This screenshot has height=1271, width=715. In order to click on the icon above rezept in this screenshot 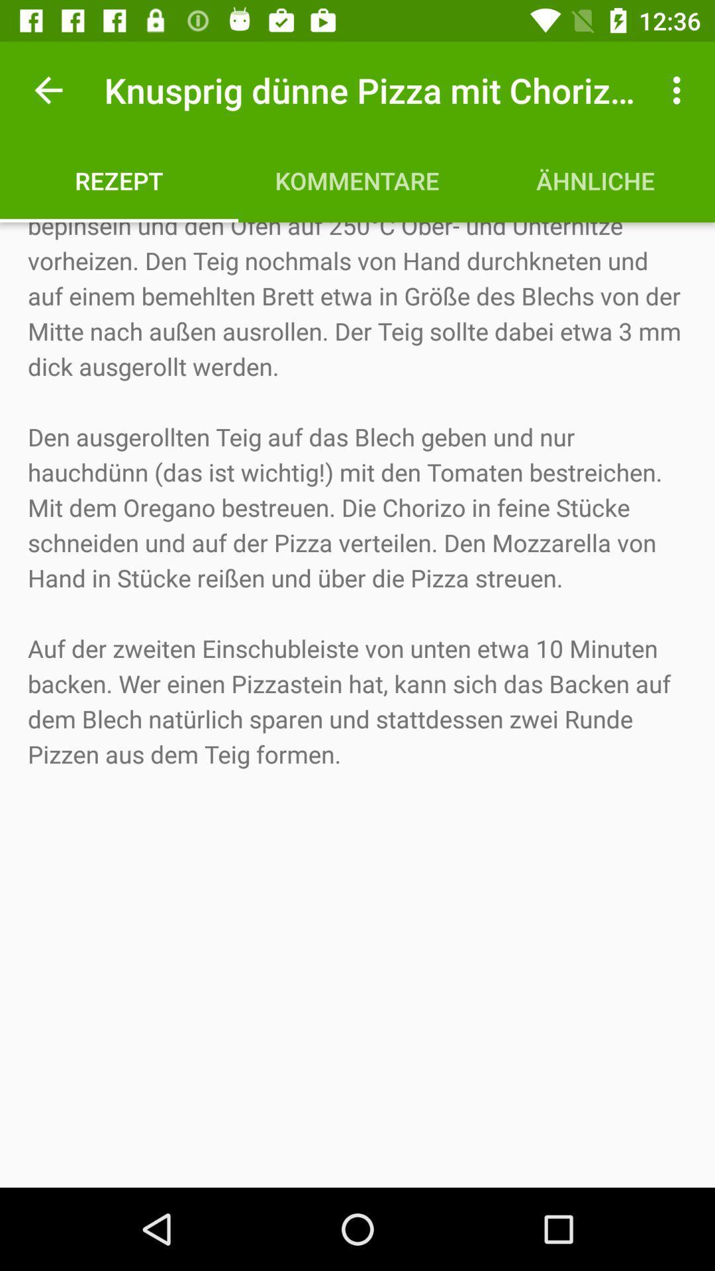, I will do `click(48, 89)`.